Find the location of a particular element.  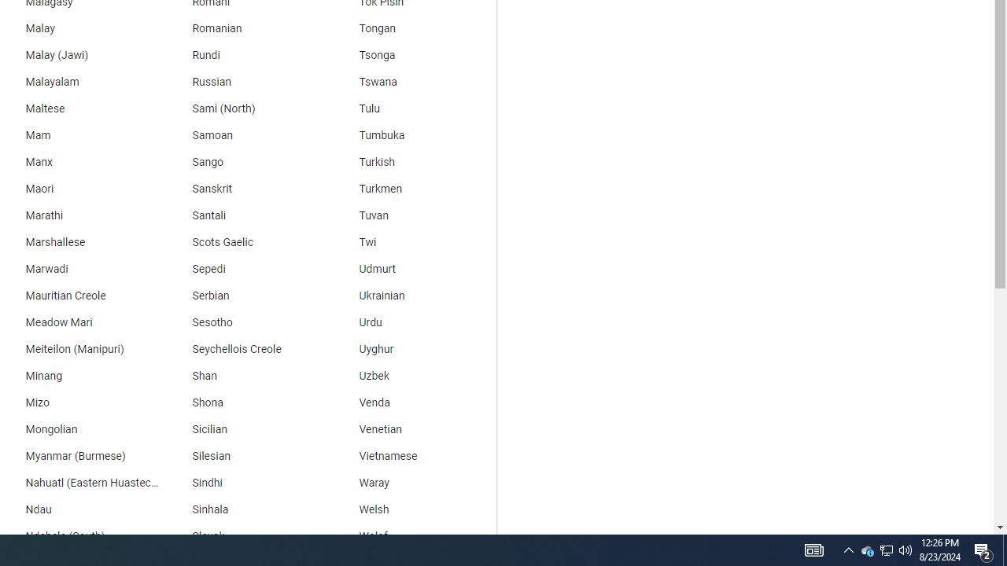

'Slovak' is located at coordinates (245, 535).